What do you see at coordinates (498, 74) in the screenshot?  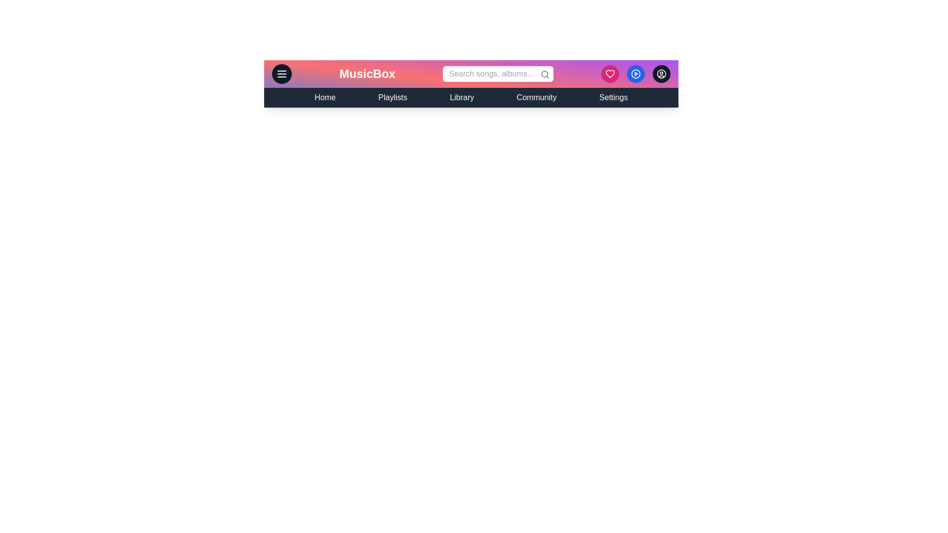 I see `the search bar to activate it for input` at bounding box center [498, 74].